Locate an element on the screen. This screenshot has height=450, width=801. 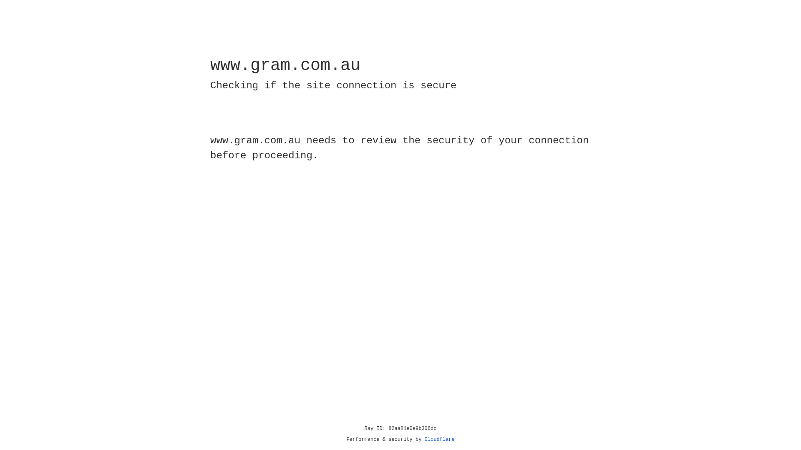
'Cloudflare' is located at coordinates (424, 439).